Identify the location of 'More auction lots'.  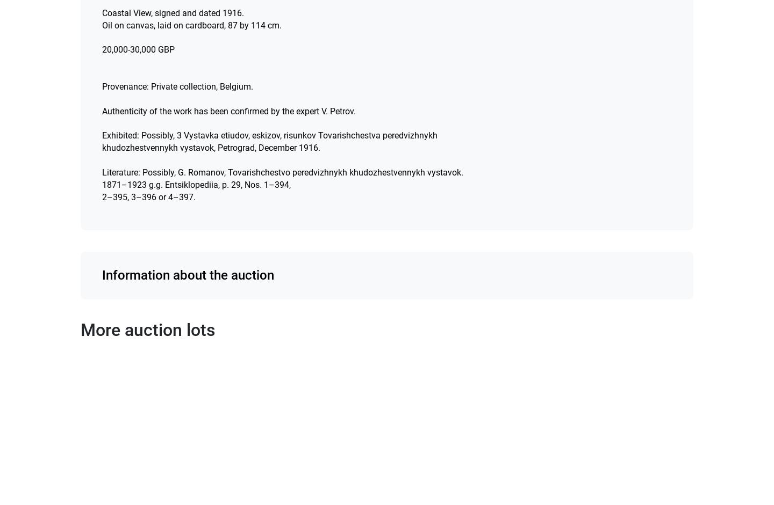
(147, 330).